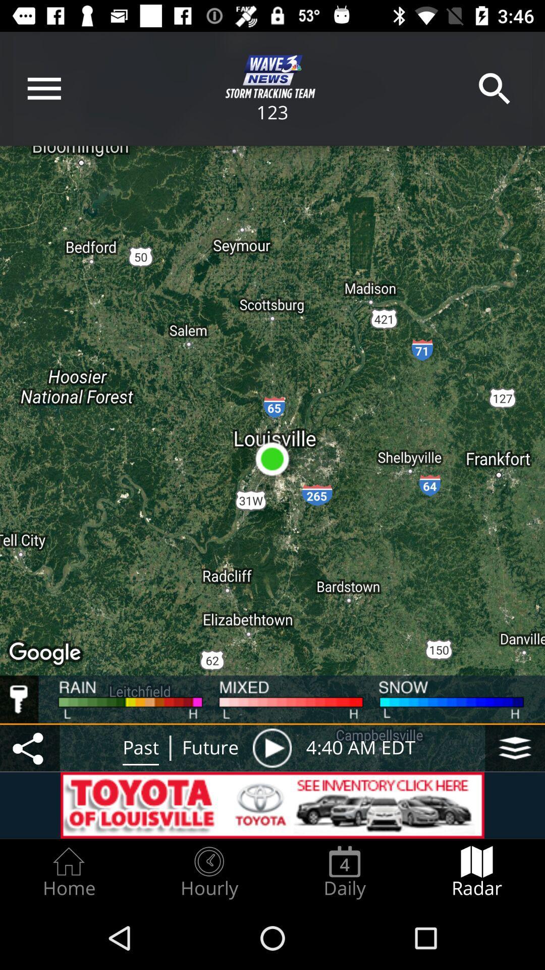 The width and height of the screenshot is (545, 970). What do you see at coordinates (515, 748) in the screenshot?
I see `item next to 4 40 am icon` at bounding box center [515, 748].